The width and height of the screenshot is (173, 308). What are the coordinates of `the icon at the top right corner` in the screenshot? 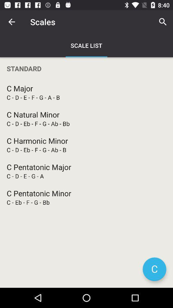 It's located at (163, 22).